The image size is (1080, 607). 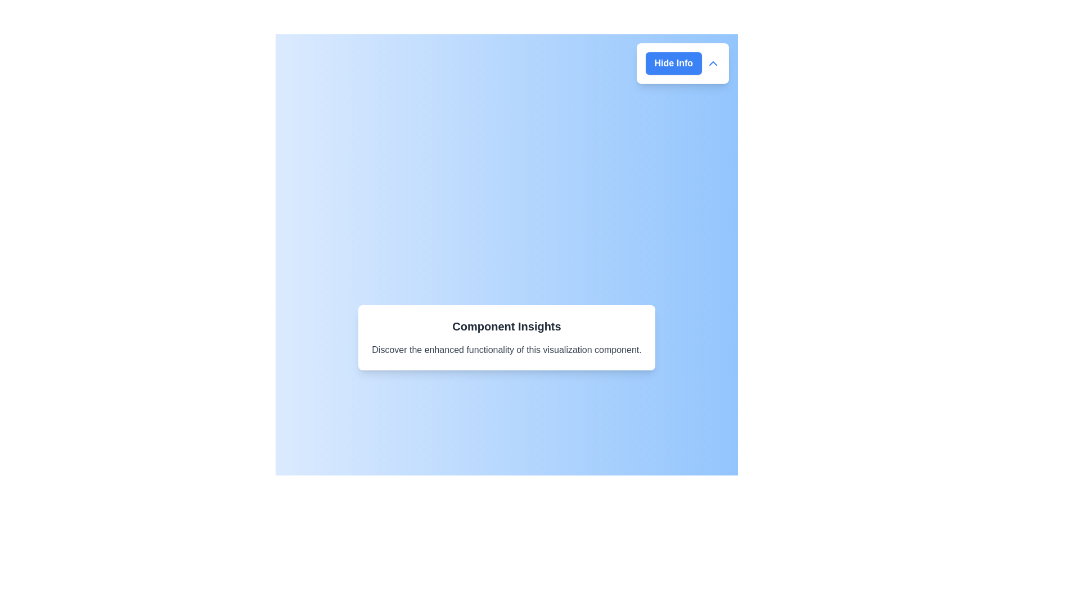 I want to click on the blue button labeled 'Hide Info' with a chevron icon, so click(x=682, y=63).